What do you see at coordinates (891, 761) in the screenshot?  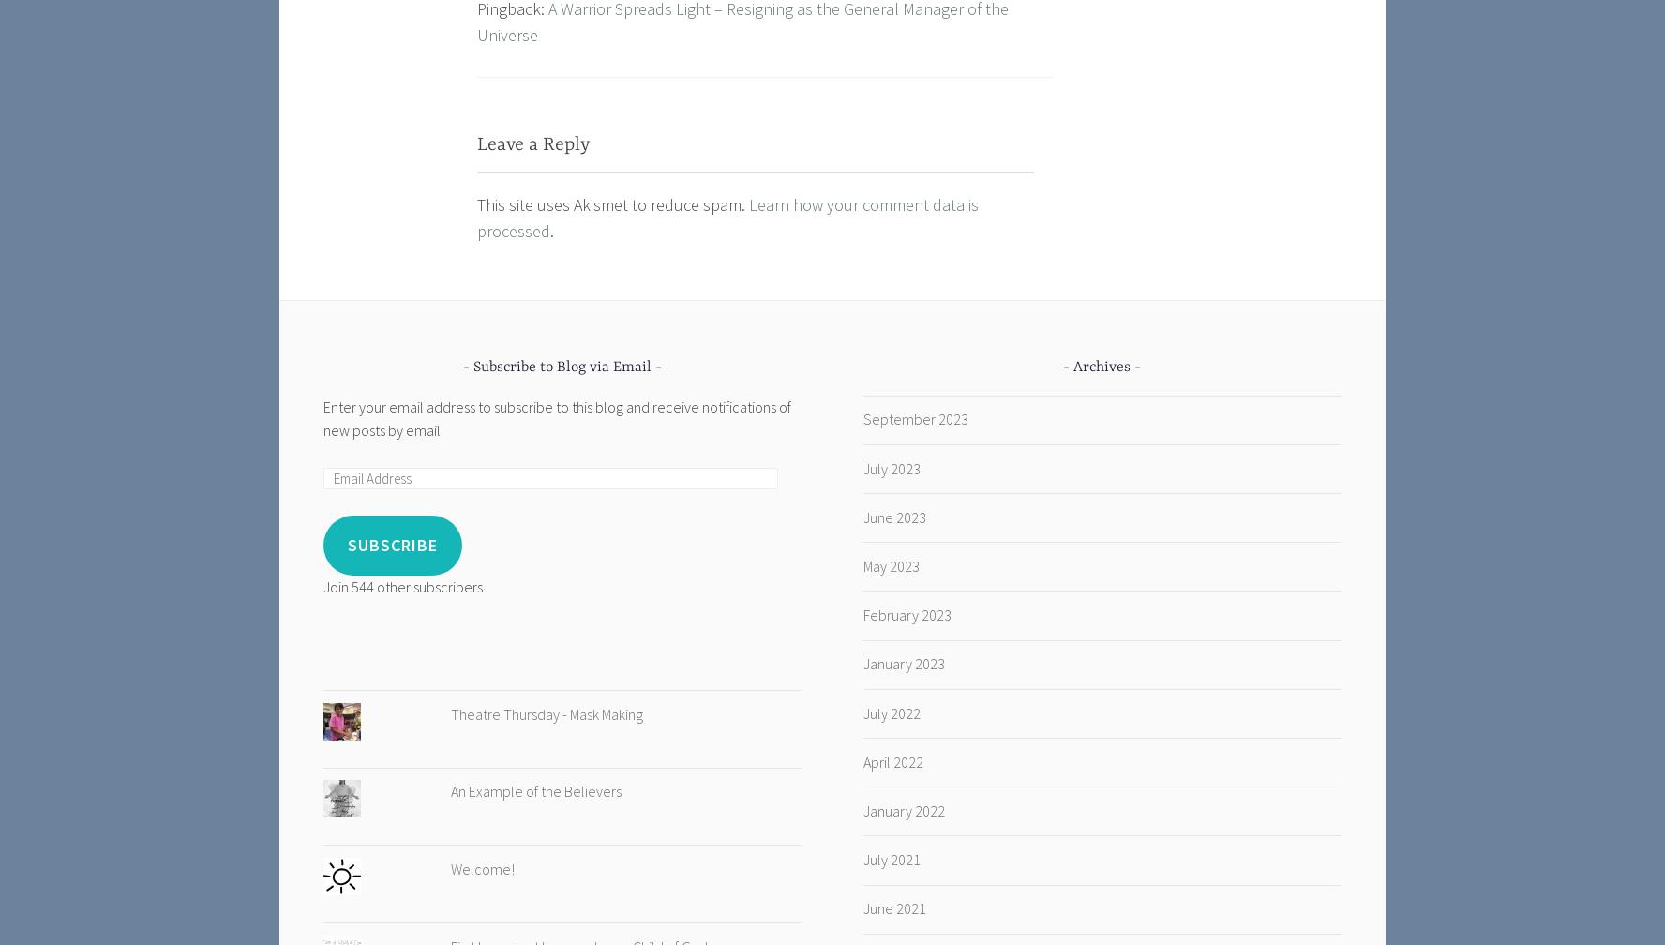 I see `'April 2022'` at bounding box center [891, 761].